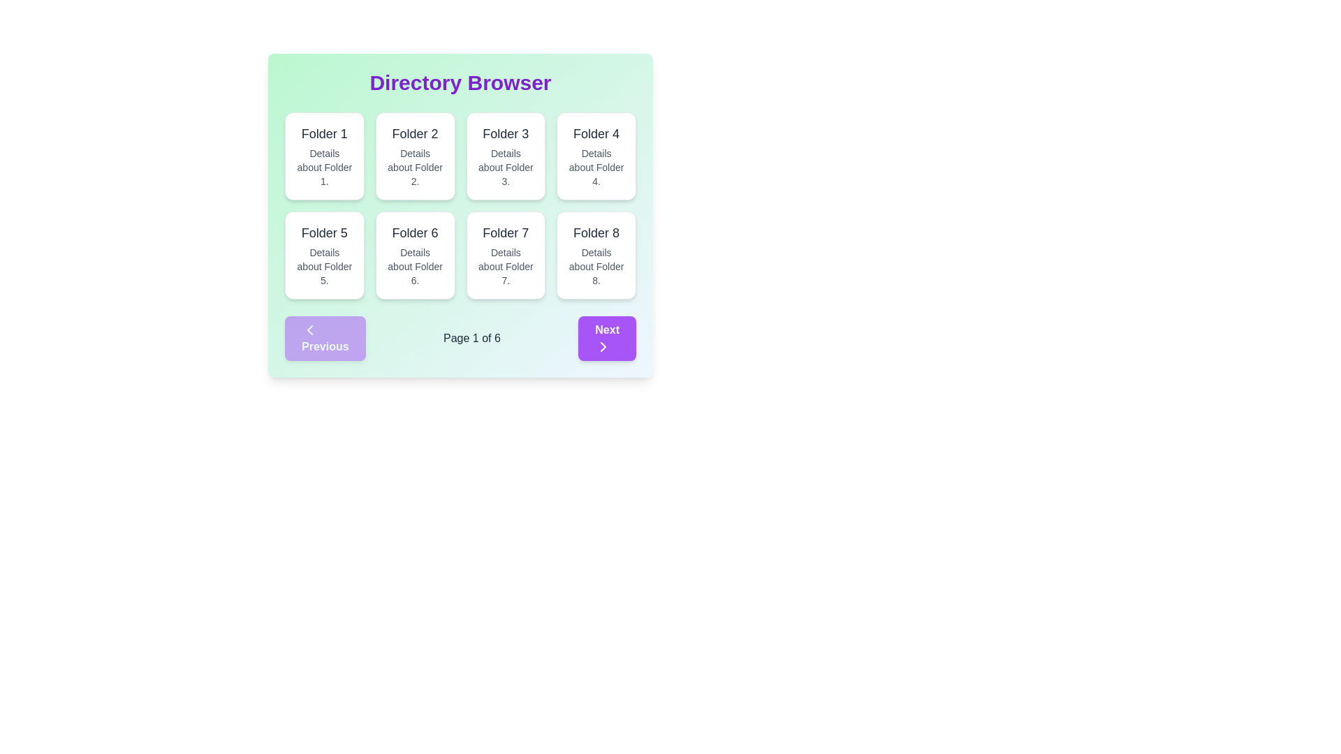 This screenshot has height=754, width=1341. What do you see at coordinates (323, 156) in the screenshot?
I see `the folder item Card located in the top-left corner of the grid layout by moving the cursor to its center point` at bounding box center [323, 156].